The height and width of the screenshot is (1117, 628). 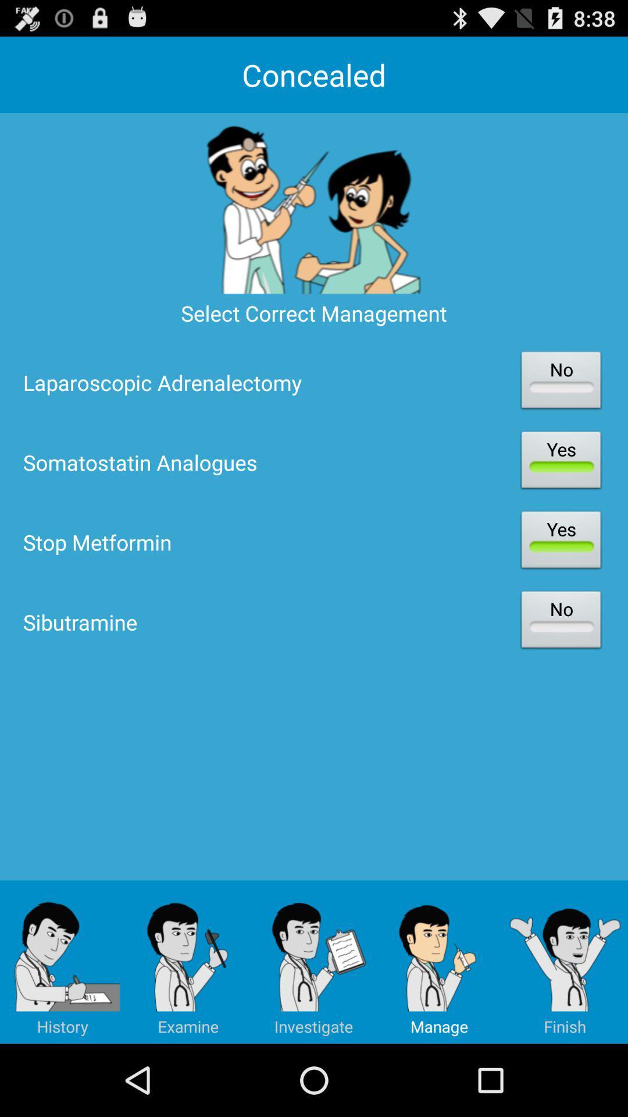 I want to click on the app below sibutramine app, so click(x=188, y=962).